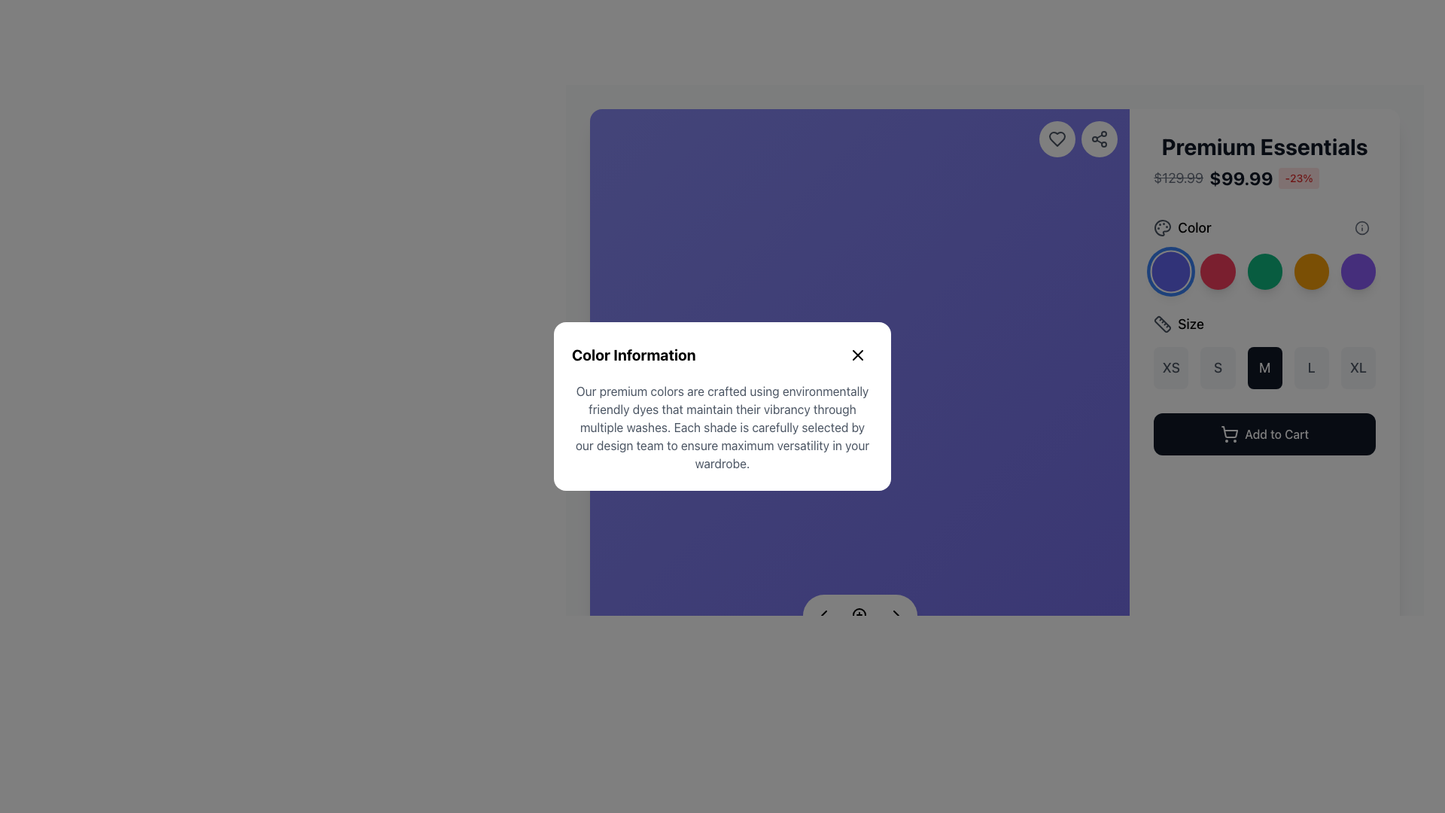 The width and height of the screenshot is (1445, 813). What do you see at coordinates (1162, 228) in the screenshot?
I see `the circular palette icon representing color selection, located to the left of the 'Color' label in the 'Premium Essentials' product detail section` at bounding box center [1162, 228].